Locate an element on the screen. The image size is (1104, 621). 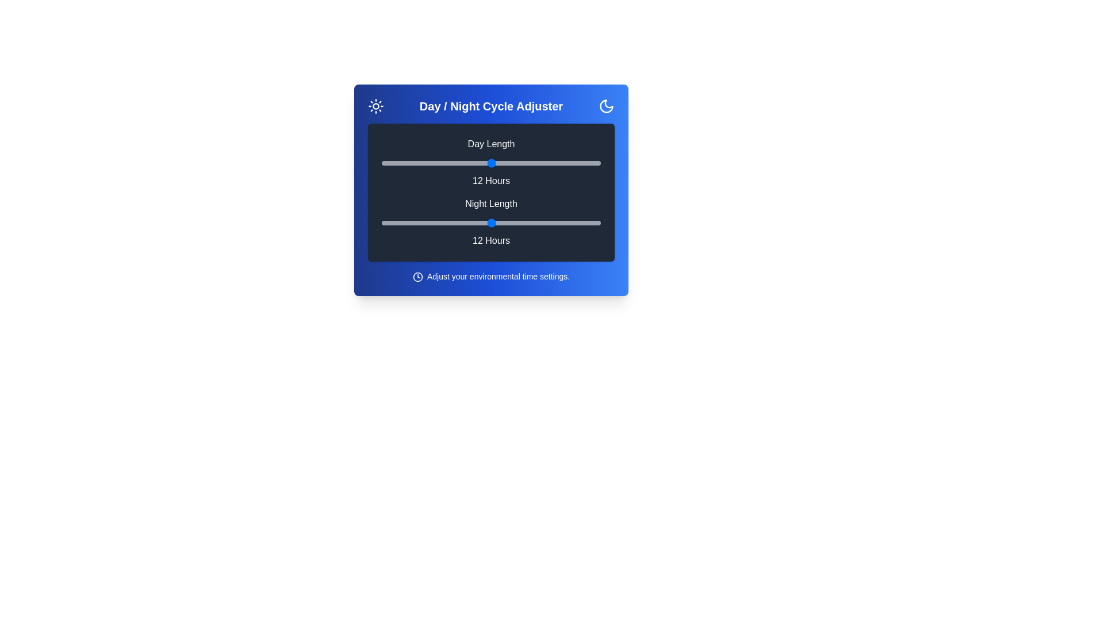
the 'Night Length' slider to 15 hours is located at coordinates (545, 223).